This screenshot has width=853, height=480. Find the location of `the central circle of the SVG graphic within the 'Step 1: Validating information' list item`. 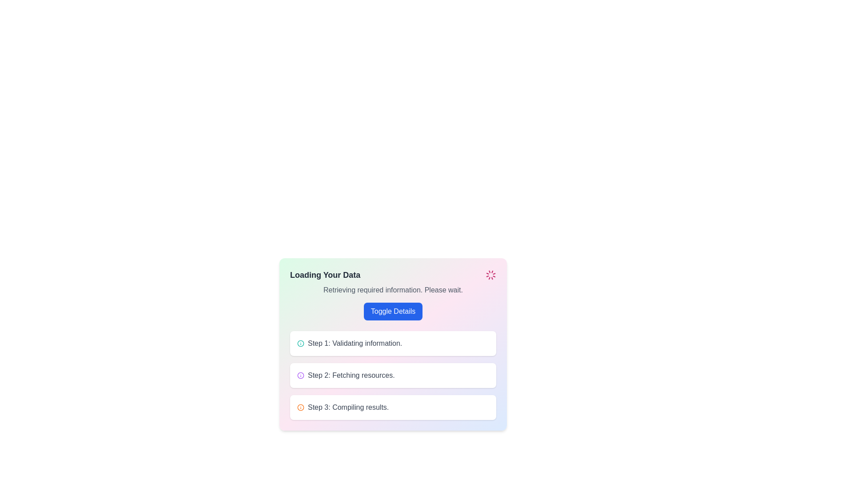

the central circle of the SVG graphic within the 'Step 1: Validating information' list item is located at coordinates (300, 408).